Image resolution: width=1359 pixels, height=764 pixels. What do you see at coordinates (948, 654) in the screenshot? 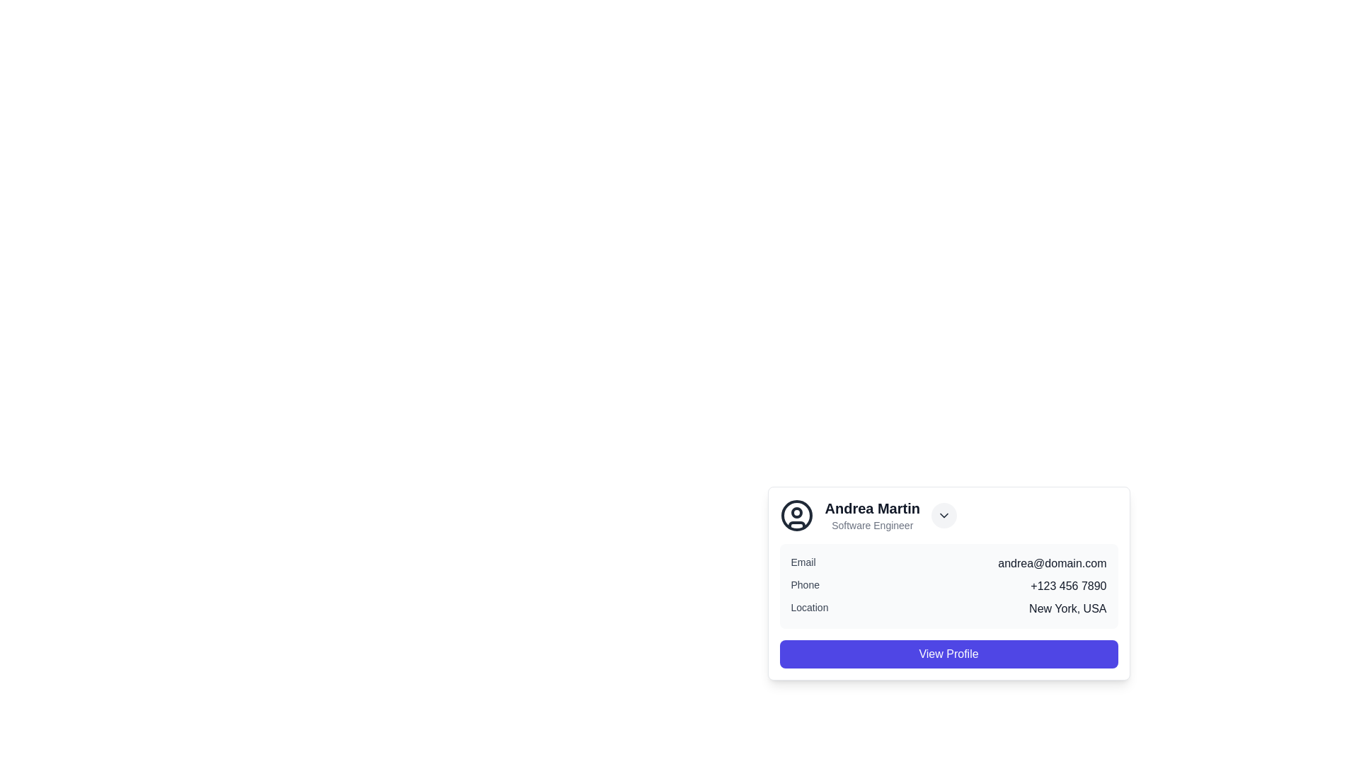
I see `the 'View Profile' button located at the bottom center of the card containing details of Andrea Martin` at bounding box center [948, 654].